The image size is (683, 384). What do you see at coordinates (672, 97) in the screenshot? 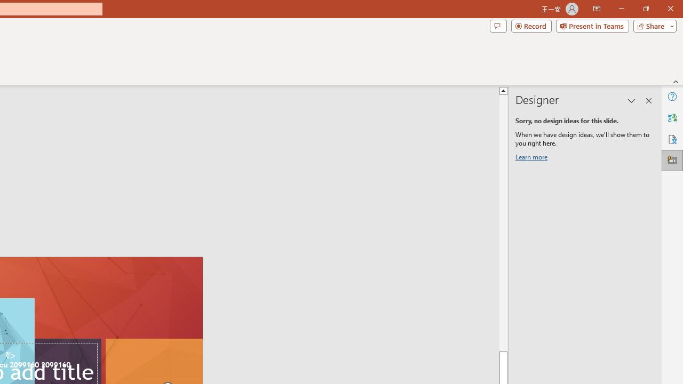
I see `'Help'` at bounding box center [672, 97].